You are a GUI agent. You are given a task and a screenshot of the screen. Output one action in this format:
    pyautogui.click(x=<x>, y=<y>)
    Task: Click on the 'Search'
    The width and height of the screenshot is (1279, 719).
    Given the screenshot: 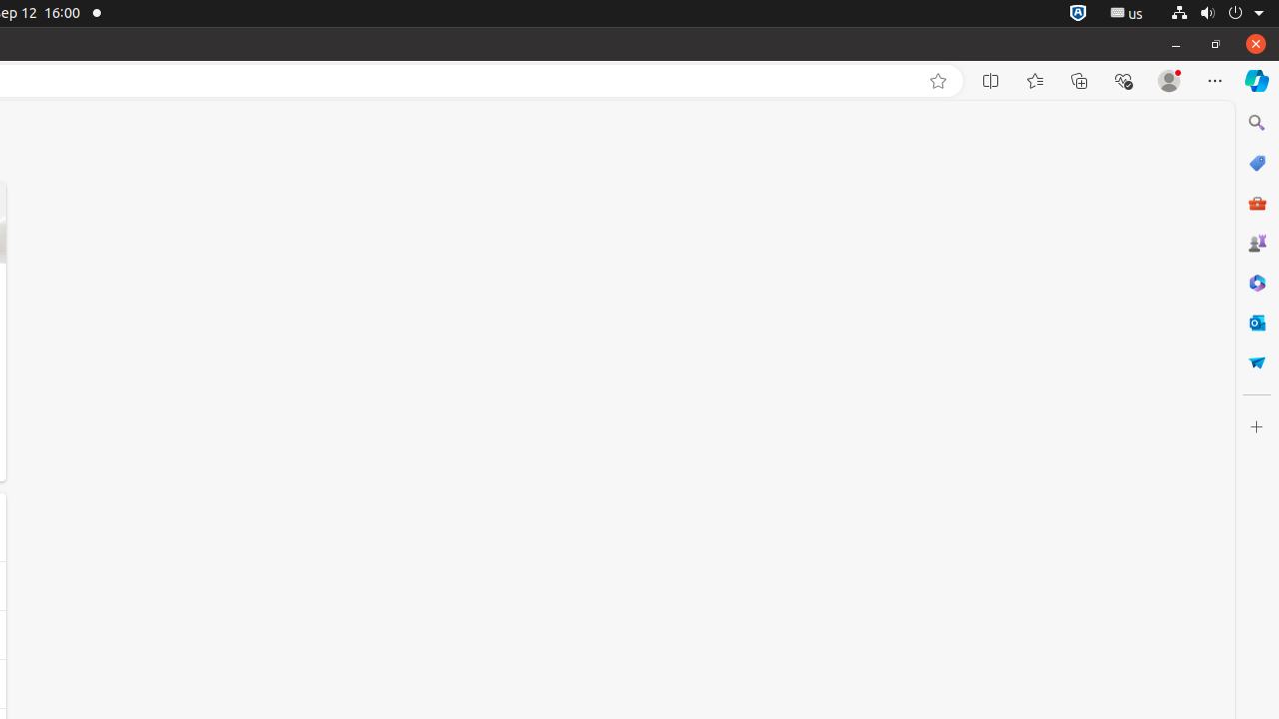 What is the action you would take?
    pyautogui.click(x=1255, y=122)
    